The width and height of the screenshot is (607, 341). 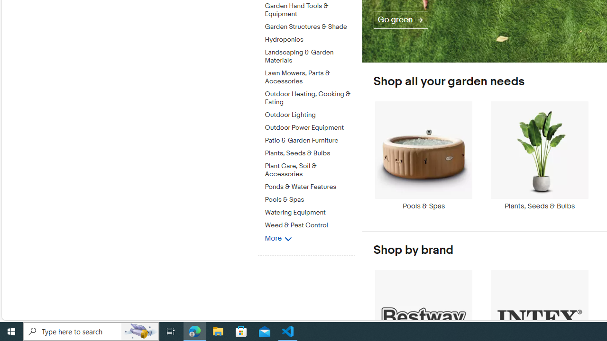 I want to click on 'Weed & Pest Control', so click(x=310, y=224).